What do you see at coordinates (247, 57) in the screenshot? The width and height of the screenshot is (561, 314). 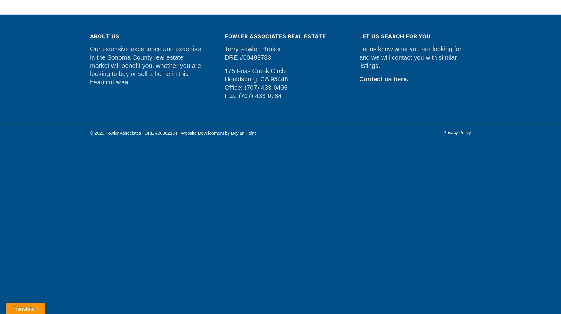 I see `'DRE #00483783'` at bounding box center [247, 57].